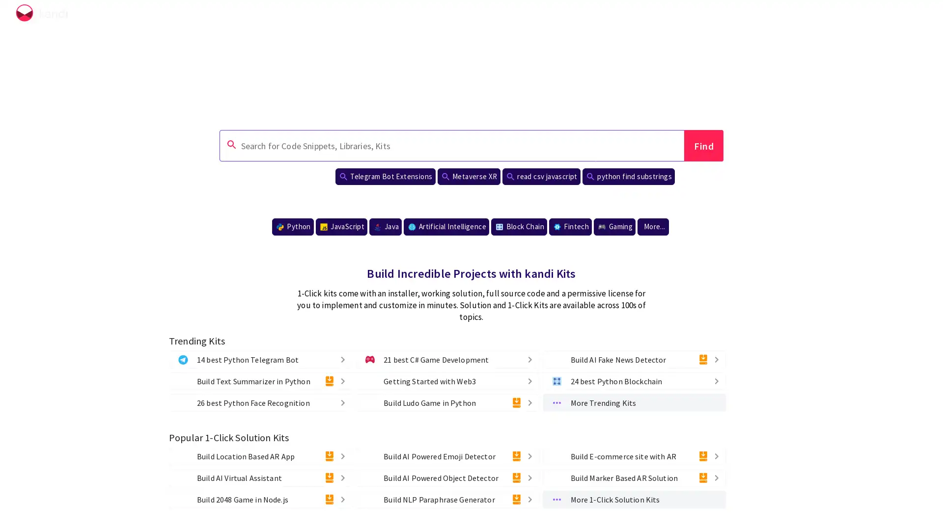 The image size is (943, 530). What do you see at coordinates (446, 402) in the screenshot?
I see `ludo Build Ludo Game in Python` at bounding box center [446, 402].